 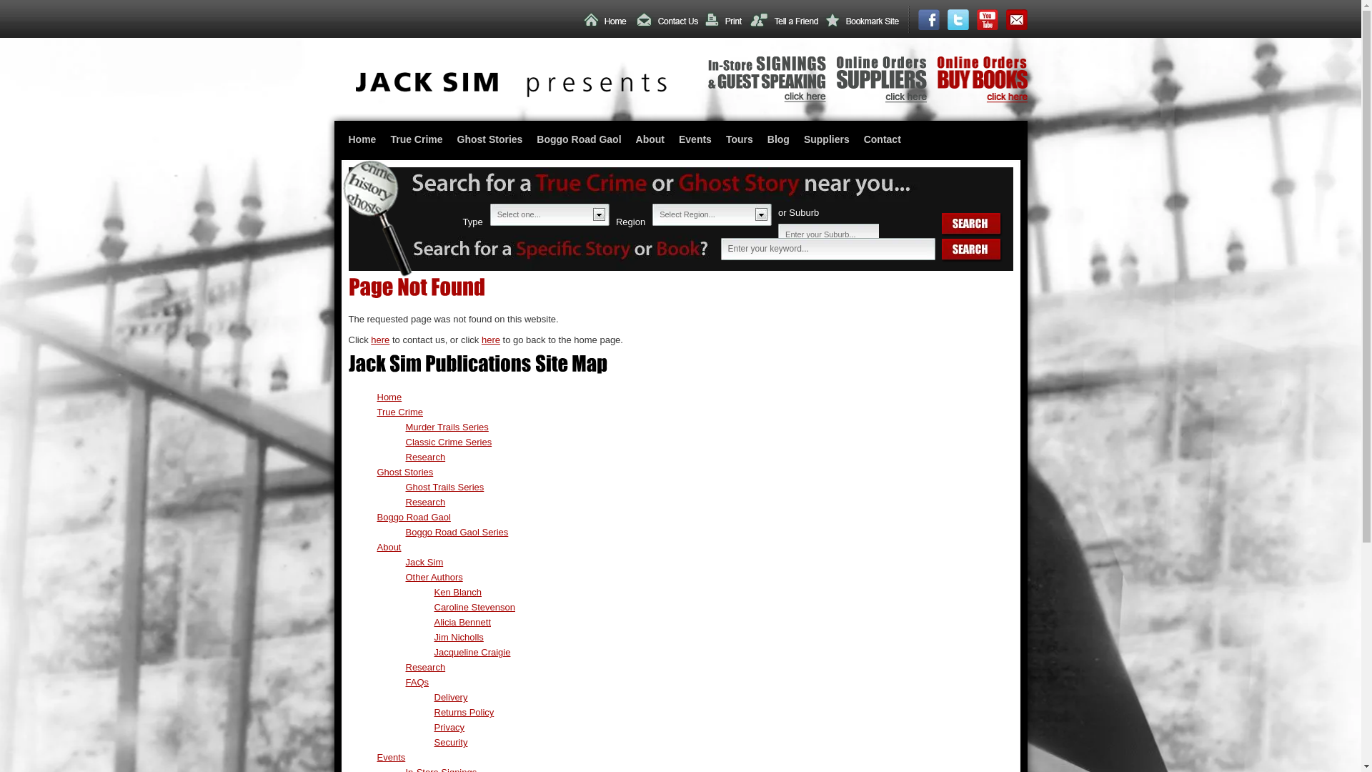 What do you see at coordinates (404, 441) in the screenshot?
I see `'Classic Crime Series'` at bounding box center [404, 441].